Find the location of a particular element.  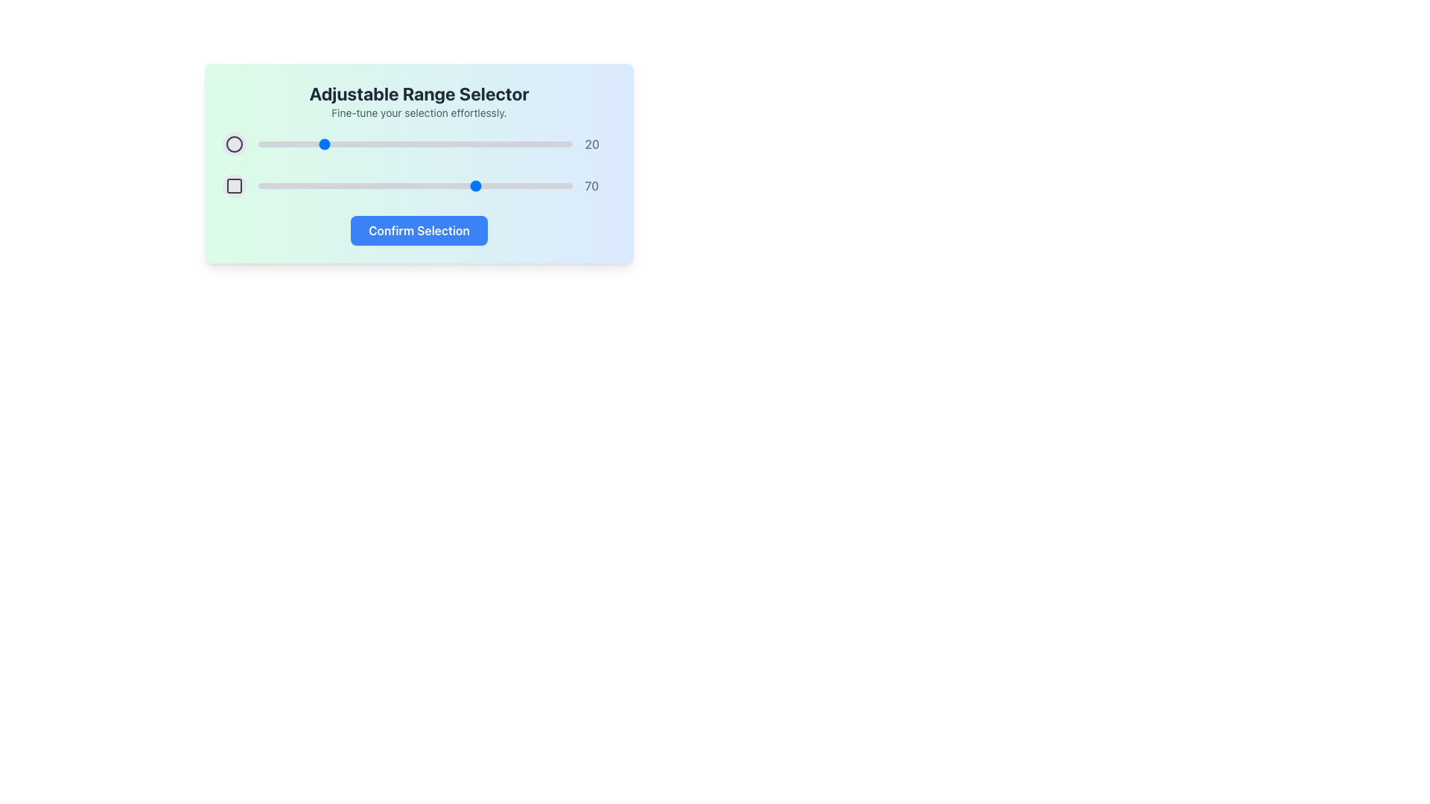

slider is located at coordinates (488, 144).